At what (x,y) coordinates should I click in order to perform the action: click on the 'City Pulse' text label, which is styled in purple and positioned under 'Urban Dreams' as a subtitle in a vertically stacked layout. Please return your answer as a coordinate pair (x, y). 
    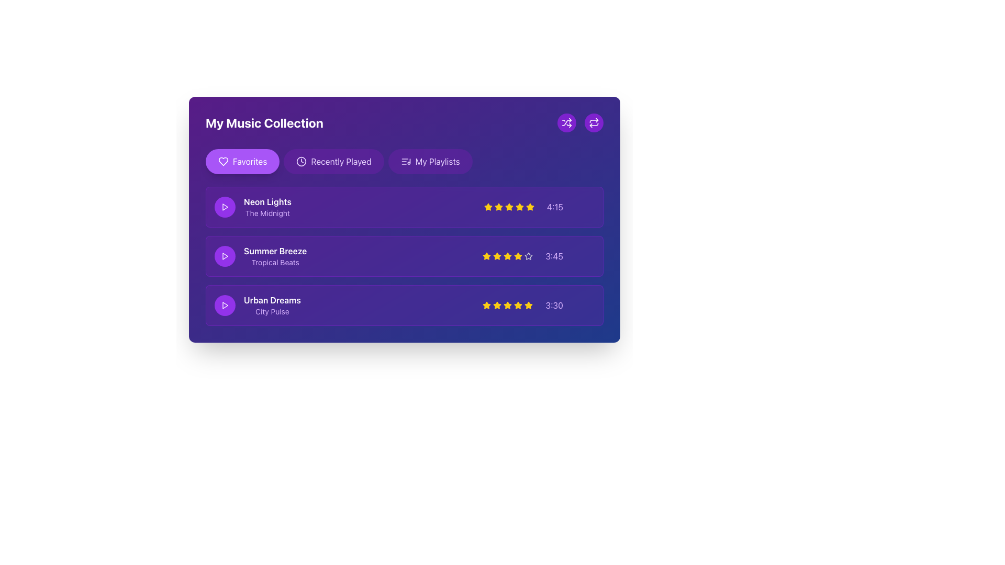
    Looking at the image, I should click on (272, 311).